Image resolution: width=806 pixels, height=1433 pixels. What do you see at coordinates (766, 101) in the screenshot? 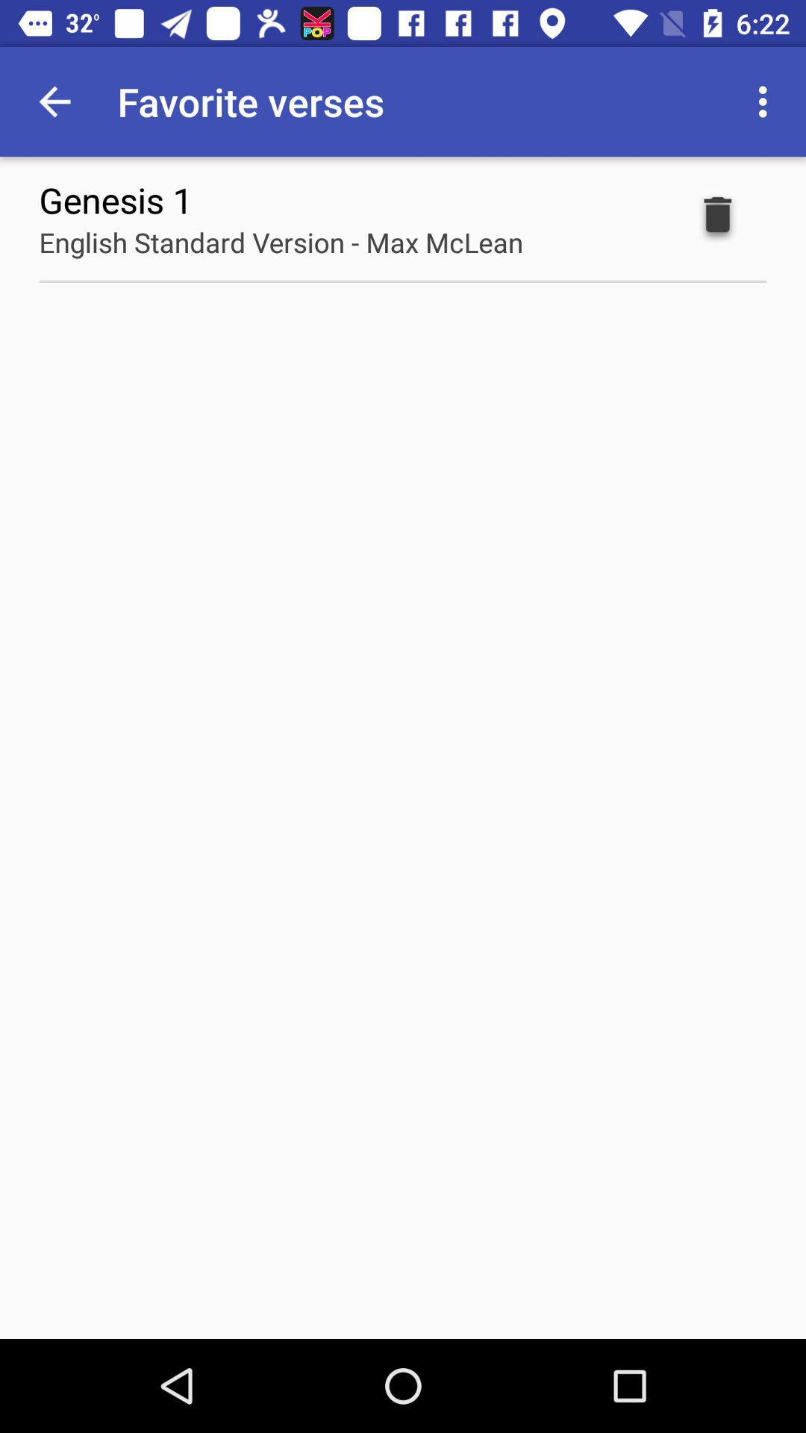
I see `app next to the favorite verses item` at bounding box center [766, 101].